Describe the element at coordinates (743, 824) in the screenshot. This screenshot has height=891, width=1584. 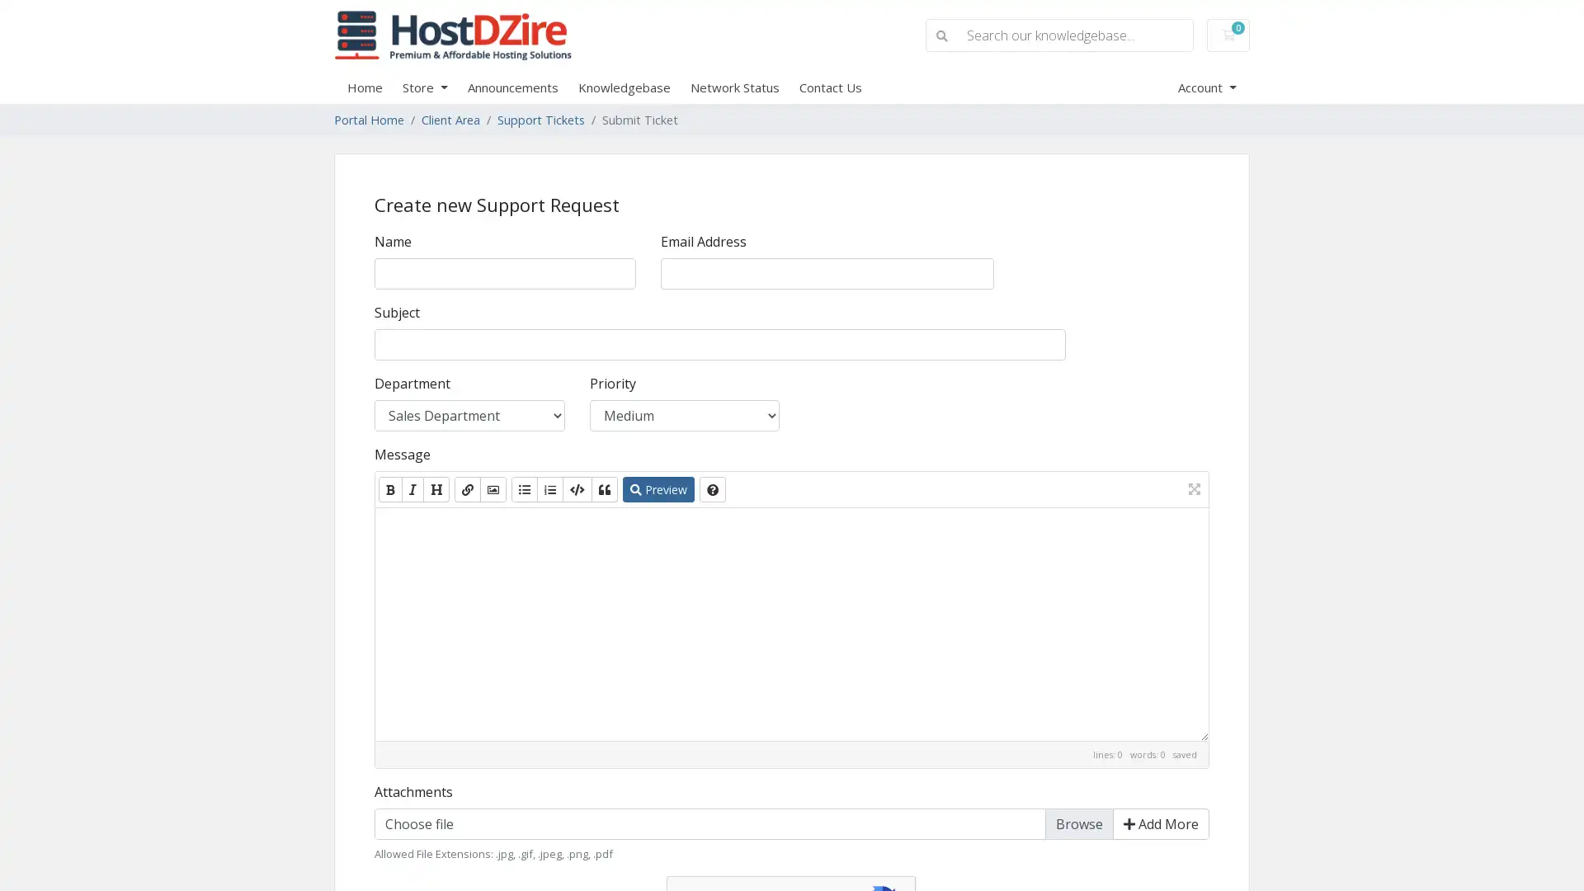
I see `Choose file Browse` at that location.